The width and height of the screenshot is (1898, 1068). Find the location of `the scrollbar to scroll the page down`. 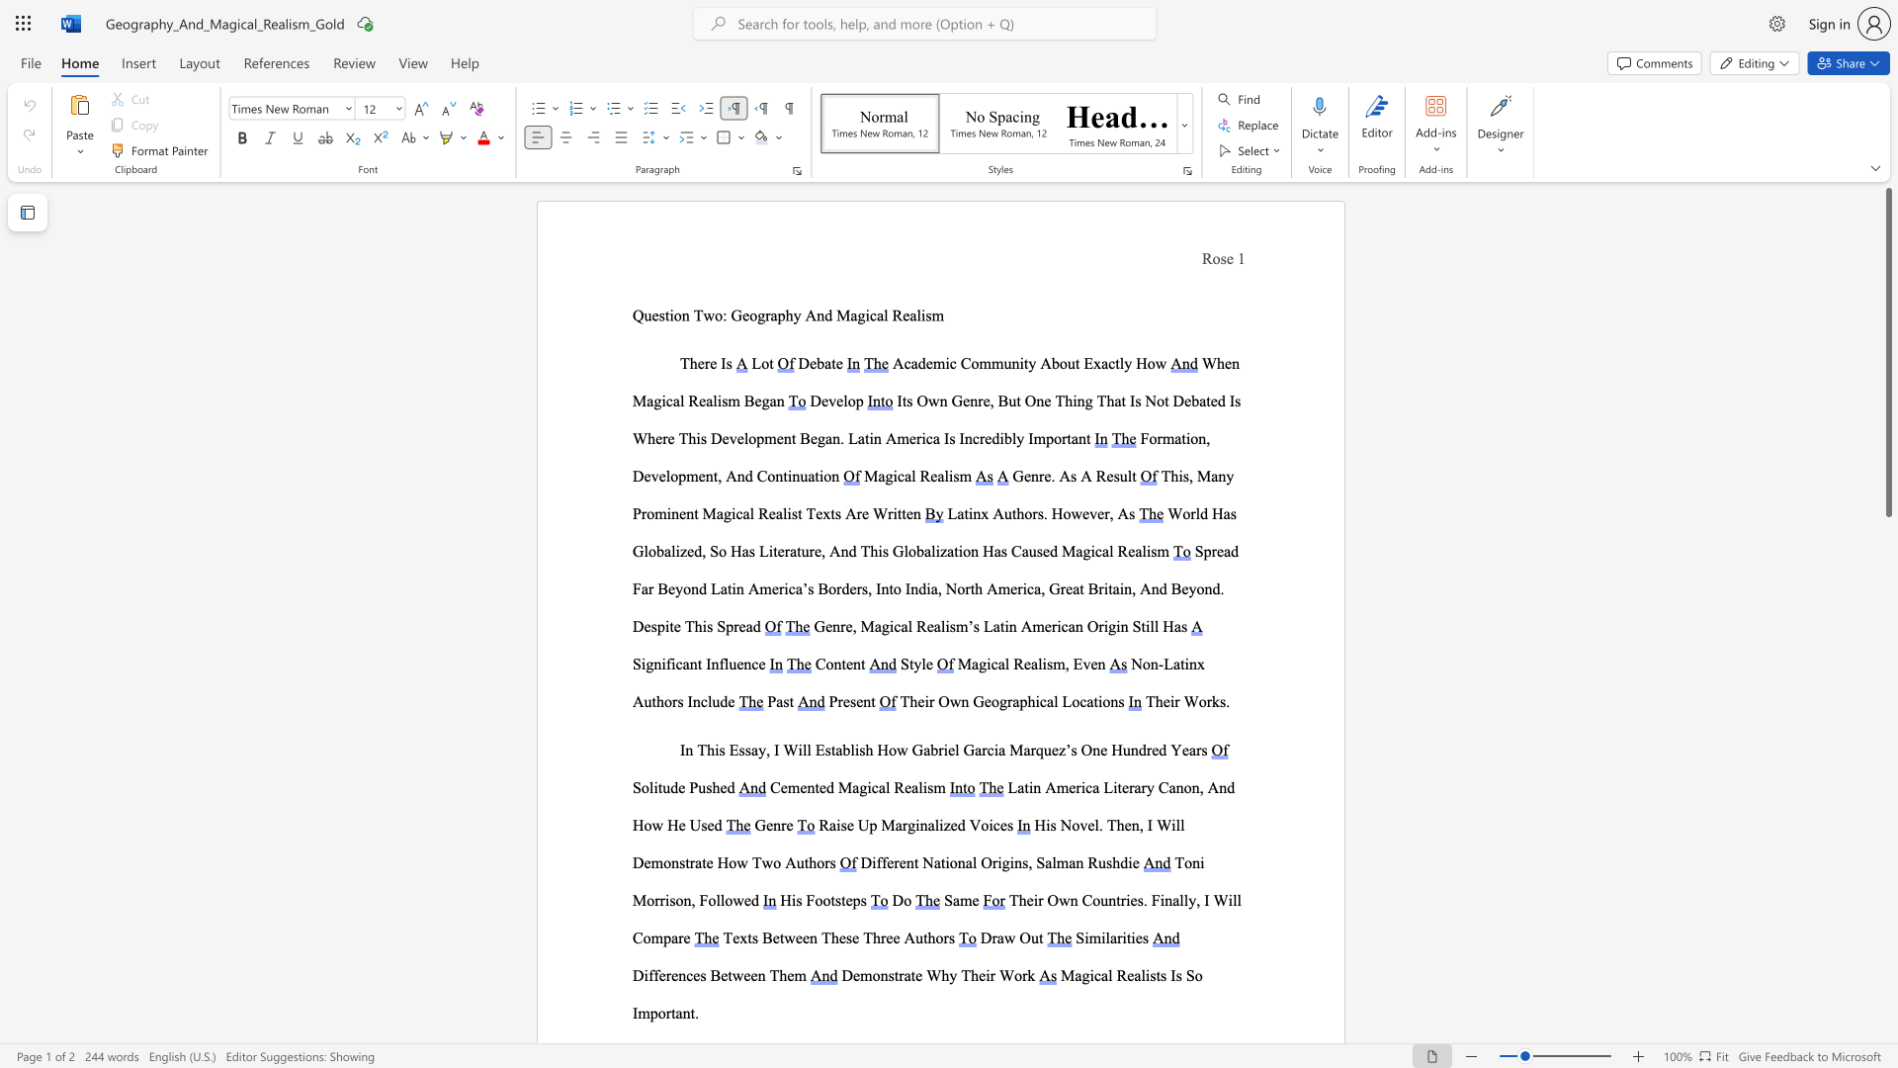

the scrollbar to scroll the page down is located at coordinates (1887, 999).